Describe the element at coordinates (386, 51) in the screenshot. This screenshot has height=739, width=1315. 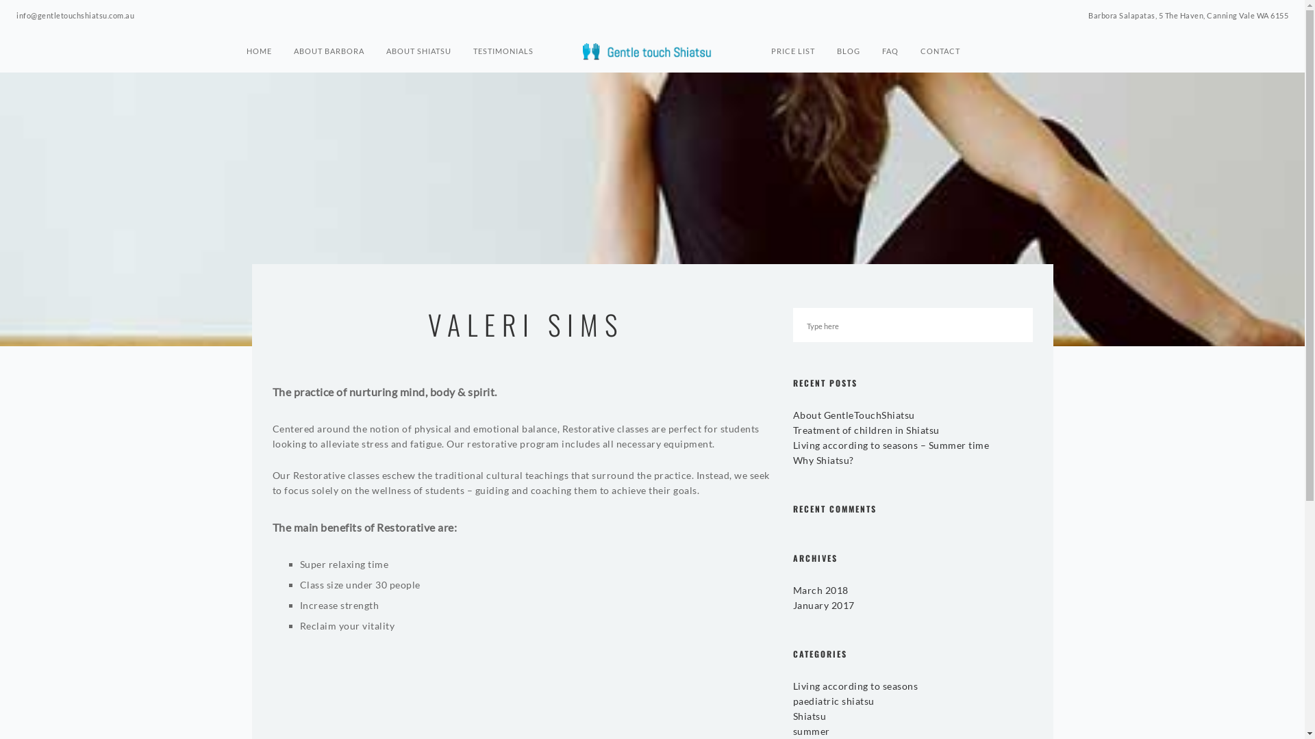
I see `'ABOUT SHIATSU'` at that location.